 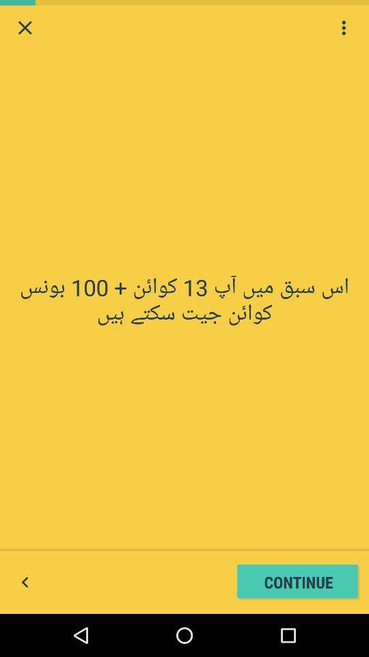 What do you see at coordinates (343, 27) in the screenshot?
I see `show more options` at bounding box center [343, 27].